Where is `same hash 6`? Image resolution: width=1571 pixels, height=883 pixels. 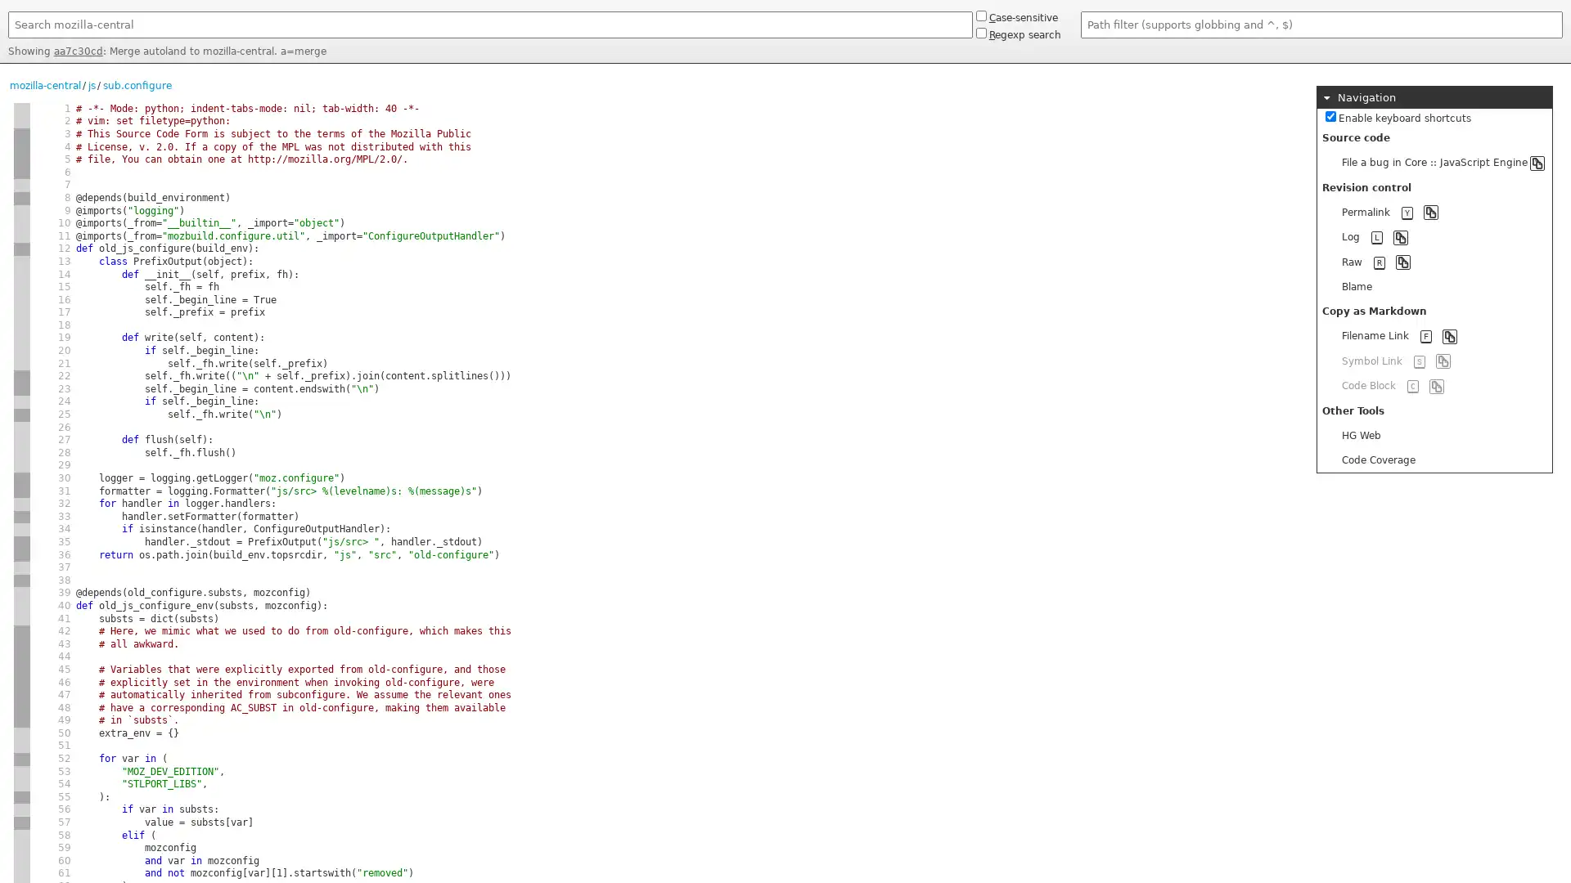
same hash 6 is located at coordinates (22, 337).